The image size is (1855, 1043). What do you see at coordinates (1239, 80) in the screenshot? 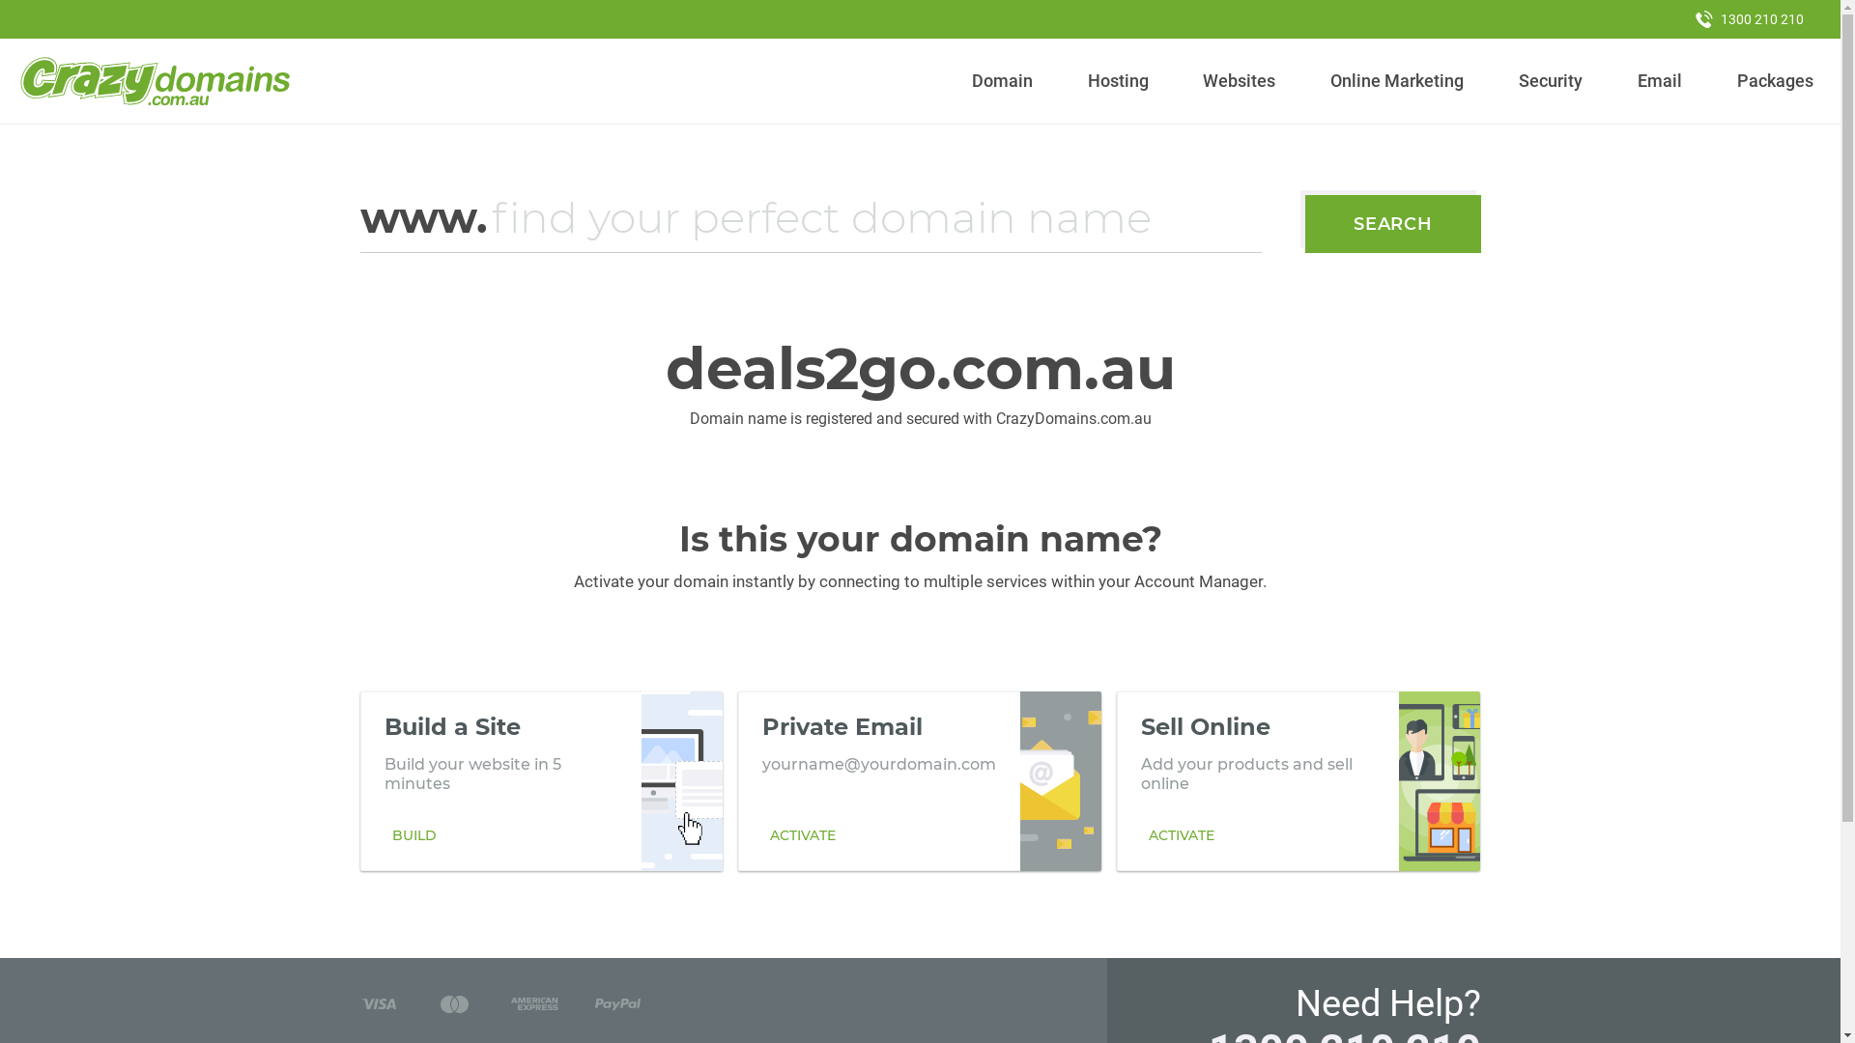
I see `'Websites'` at bounding box center [1239, 80].